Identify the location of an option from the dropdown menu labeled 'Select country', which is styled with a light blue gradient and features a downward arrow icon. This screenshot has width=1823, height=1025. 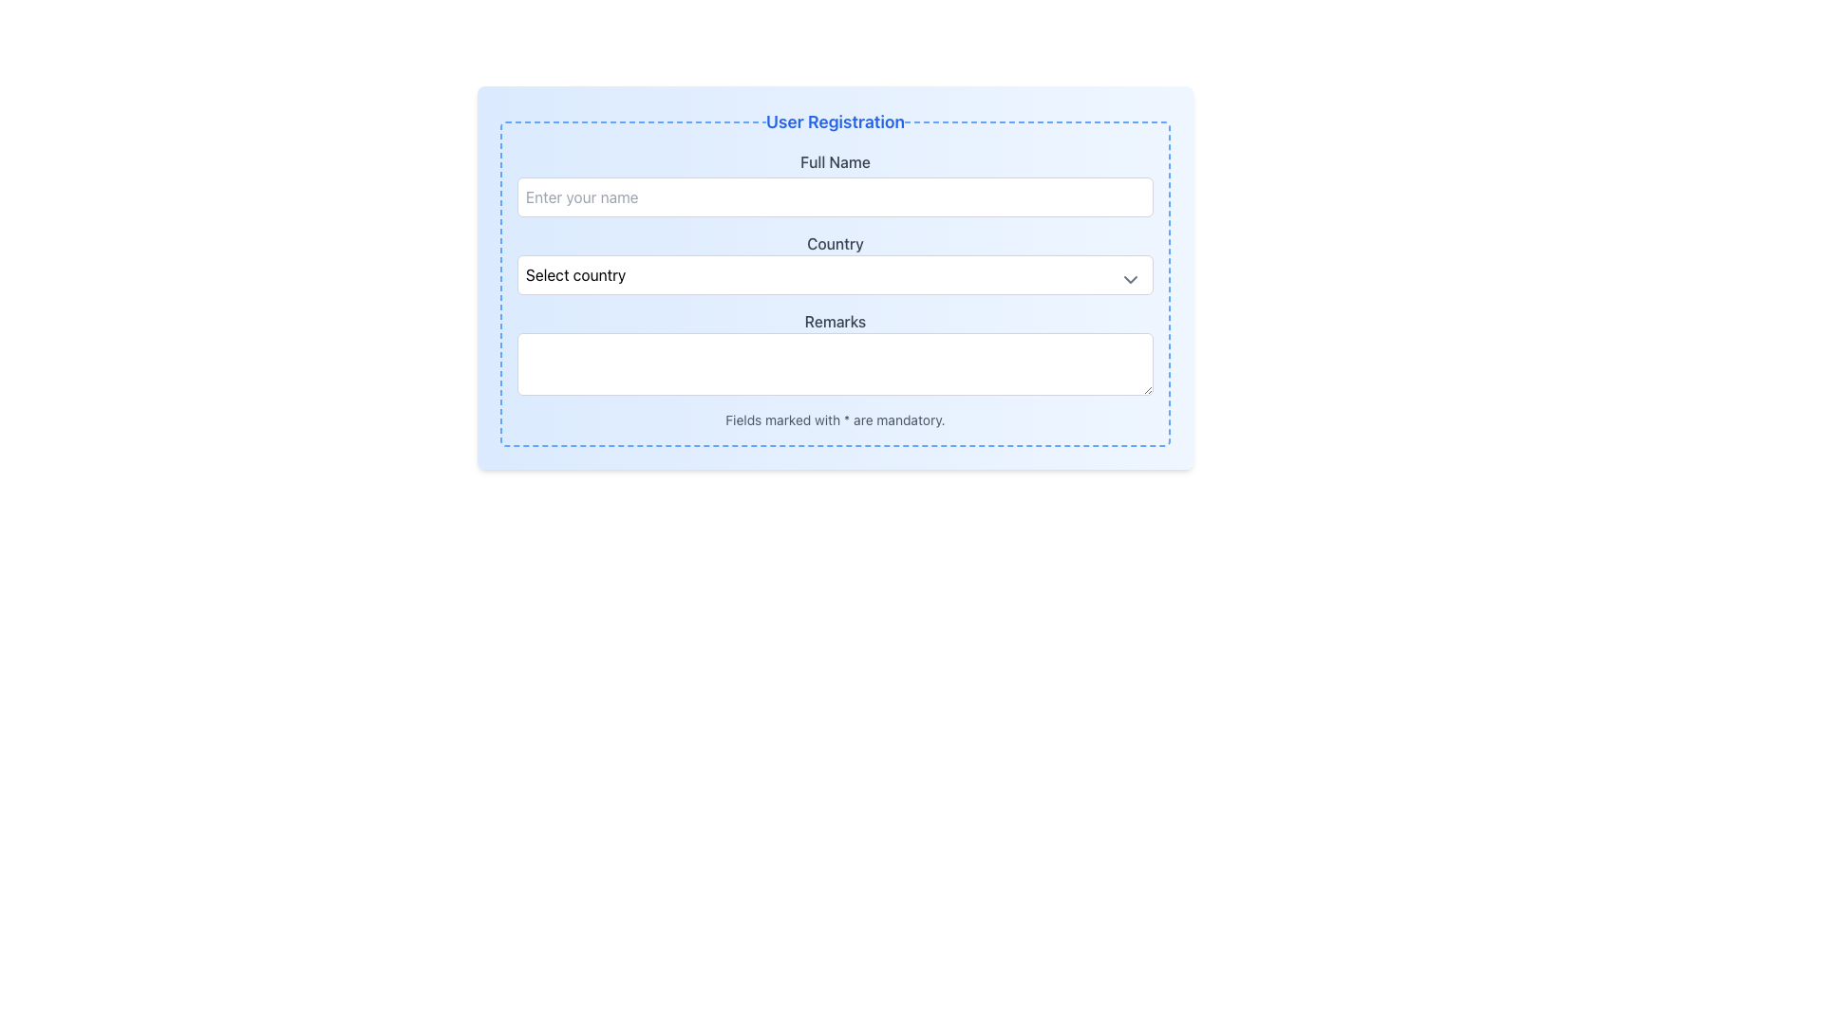
(835, 278).